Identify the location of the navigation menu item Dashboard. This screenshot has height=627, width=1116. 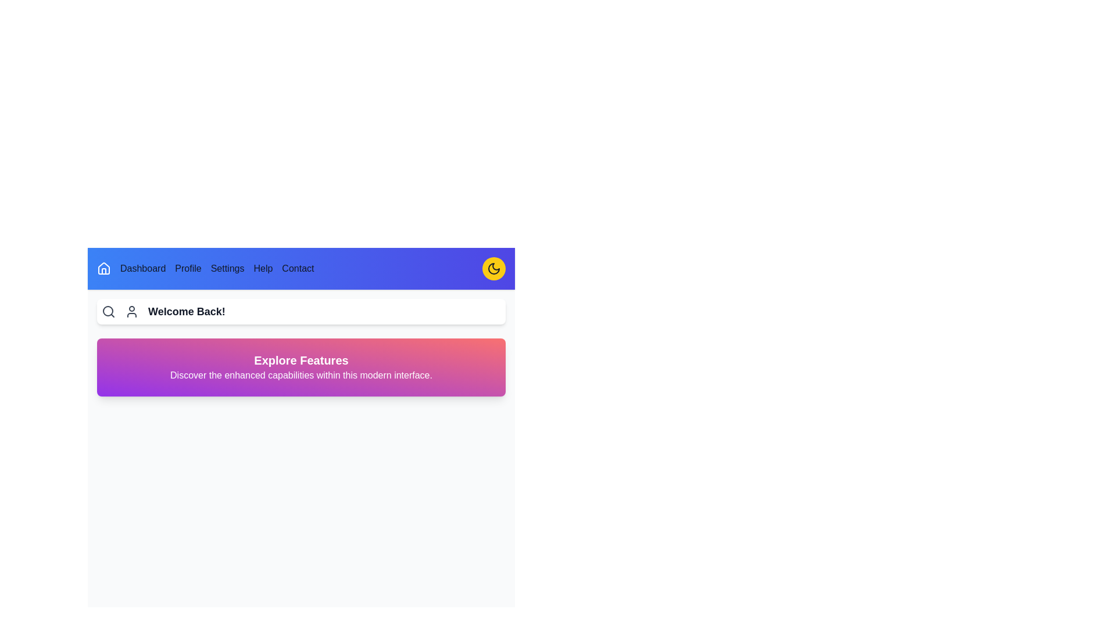
(142, 268).